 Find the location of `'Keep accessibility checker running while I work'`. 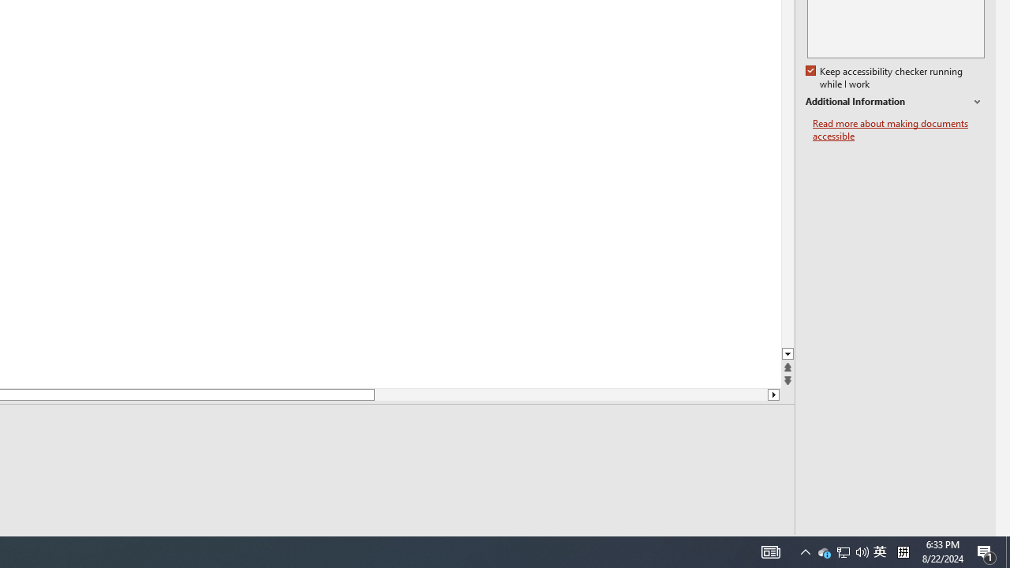

'Keep accessibility checker running while I work' is located at coordinates (885, 78).